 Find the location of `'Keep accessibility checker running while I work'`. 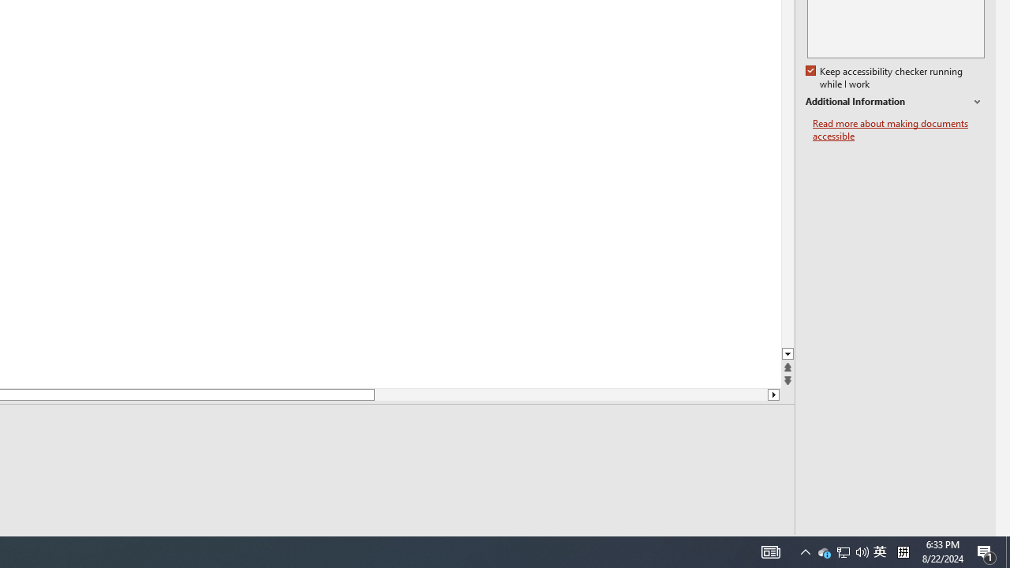

'Keep accessibility checker running while I work' is located at coordinates (885, 78).